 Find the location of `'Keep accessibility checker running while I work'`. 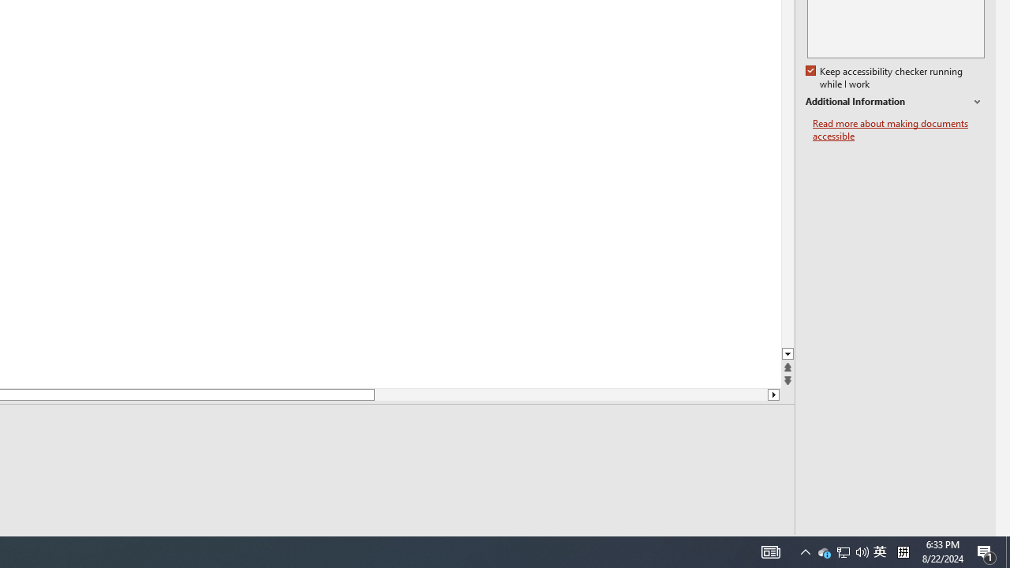

'Keep accessibility checker running while I work' is located at coordinates (885, 78).